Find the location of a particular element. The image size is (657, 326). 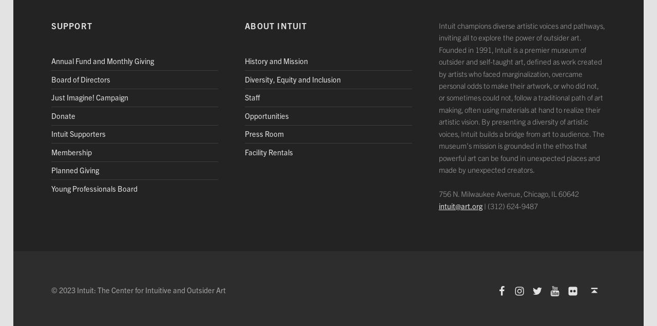

'History and Mission' is located at coordinates (276, 60).